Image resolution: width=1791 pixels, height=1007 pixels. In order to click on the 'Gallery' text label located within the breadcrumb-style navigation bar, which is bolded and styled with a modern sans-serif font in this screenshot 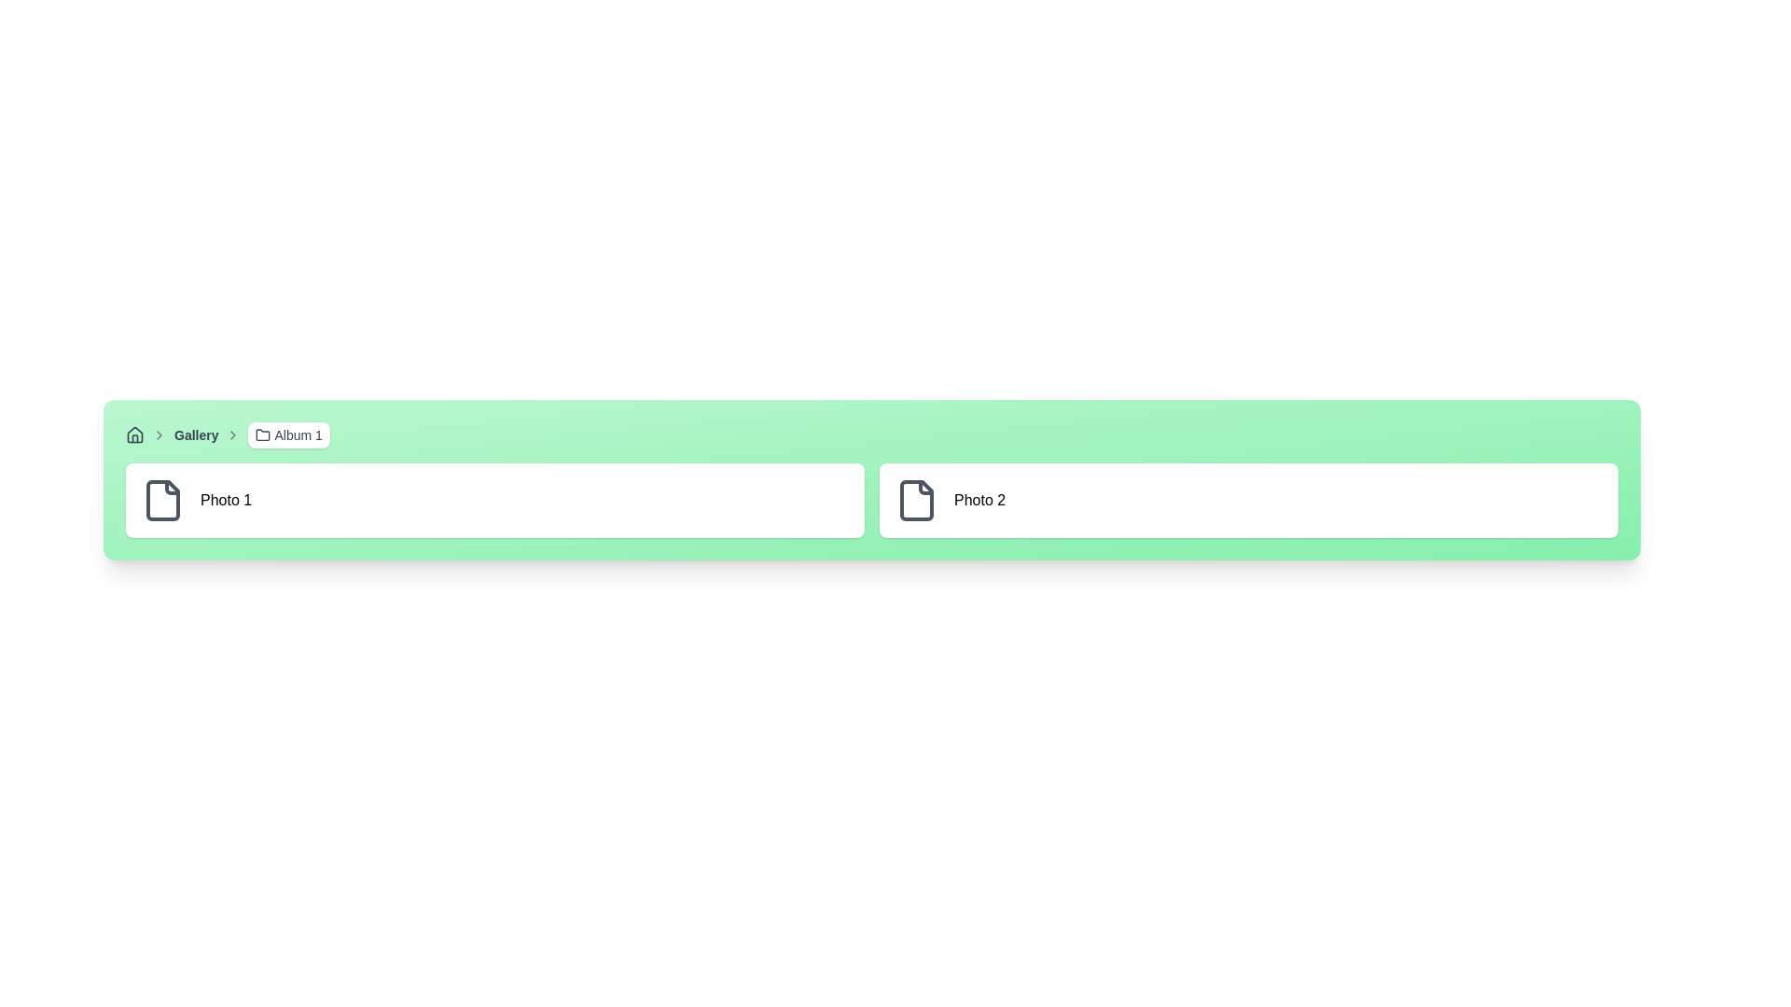, I will do `click(196, 435)`.